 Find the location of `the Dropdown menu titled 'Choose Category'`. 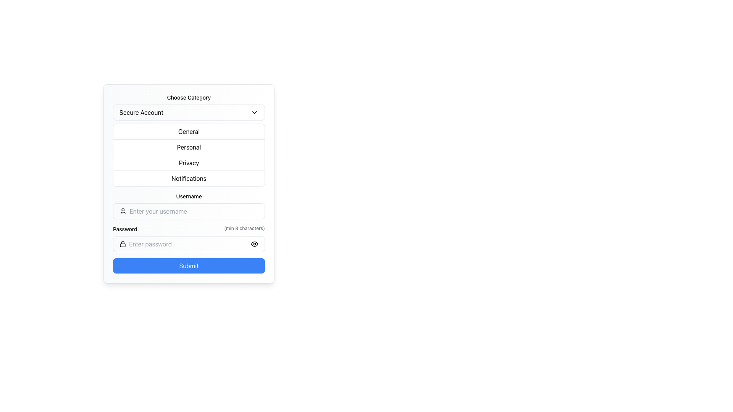

the Dropdown menu titled 'Choose Category' is located at coordinates (189, 140).